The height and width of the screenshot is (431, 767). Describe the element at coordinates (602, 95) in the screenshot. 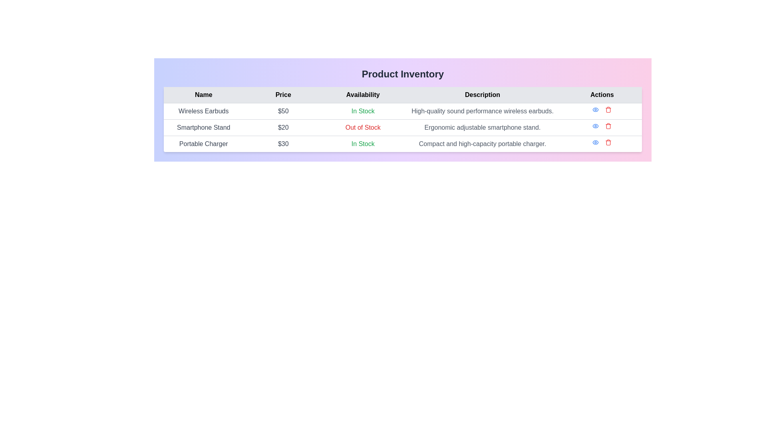

I see `the 'Actions' column header text label in the structured table layout, which is positioned in the last column and adjacent to the 'Description' column` at that location.